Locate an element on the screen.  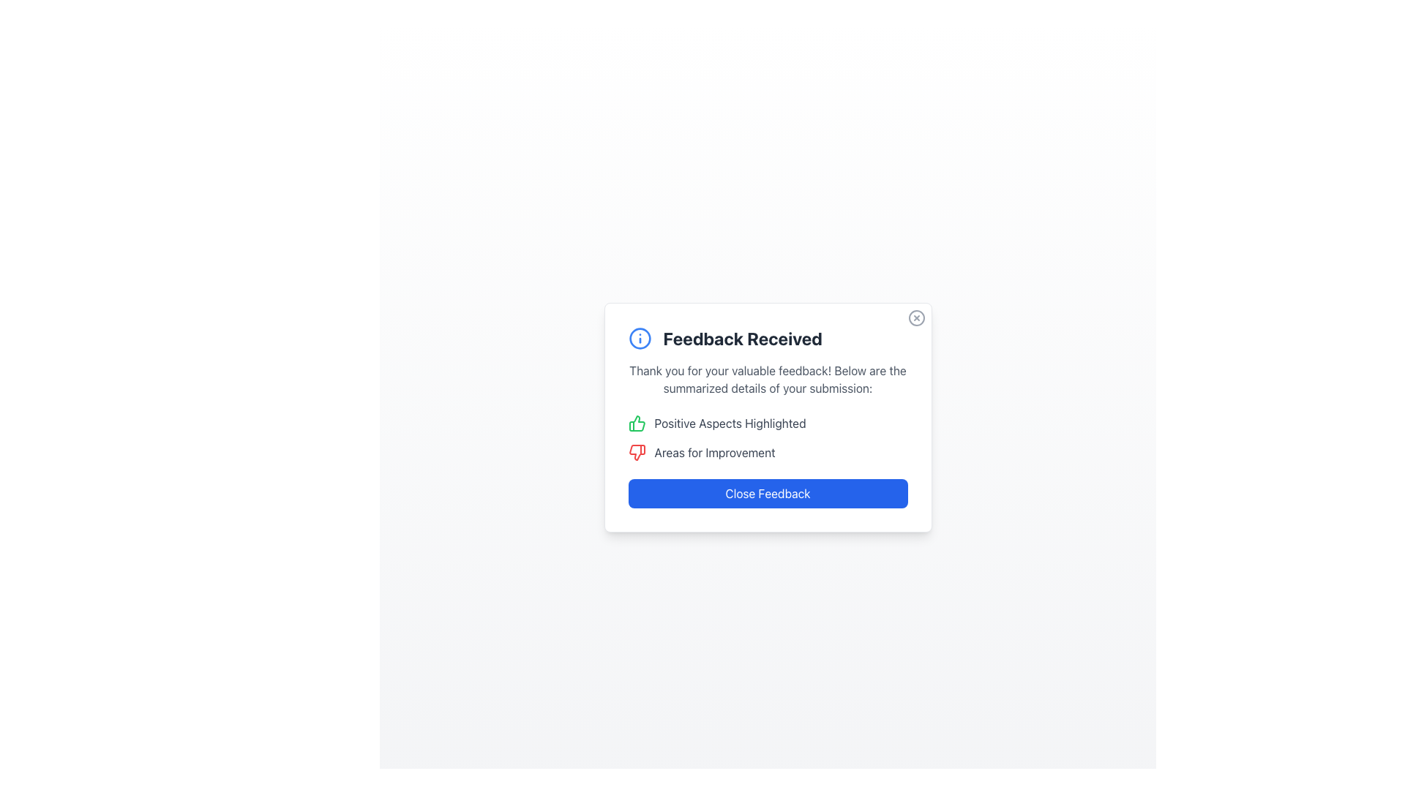
the 'Areas for Improvement' text label with a red thumbs-down icon, which is positioned below 'Positive Aspects Highlighted' and above the 'Close Feedback' button is located at coordinates (767, 451).